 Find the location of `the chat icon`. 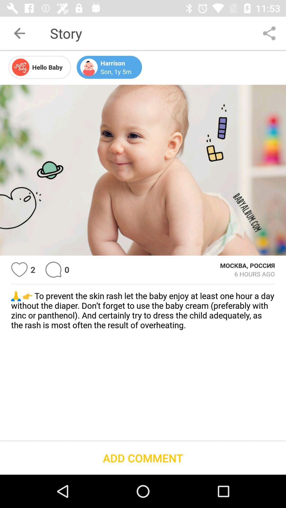

the chat icon is located at coordinates (53, 270).